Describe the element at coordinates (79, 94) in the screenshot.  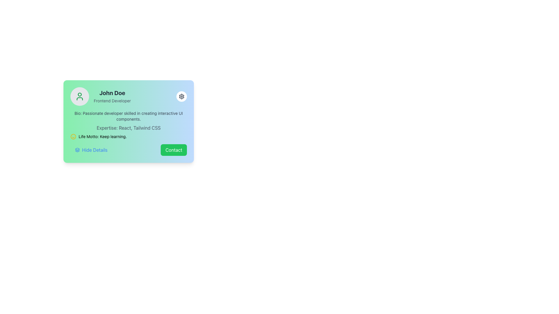
I see `the vector graphic circle representing the user's profile in the top-left of the gradient card` at that location.